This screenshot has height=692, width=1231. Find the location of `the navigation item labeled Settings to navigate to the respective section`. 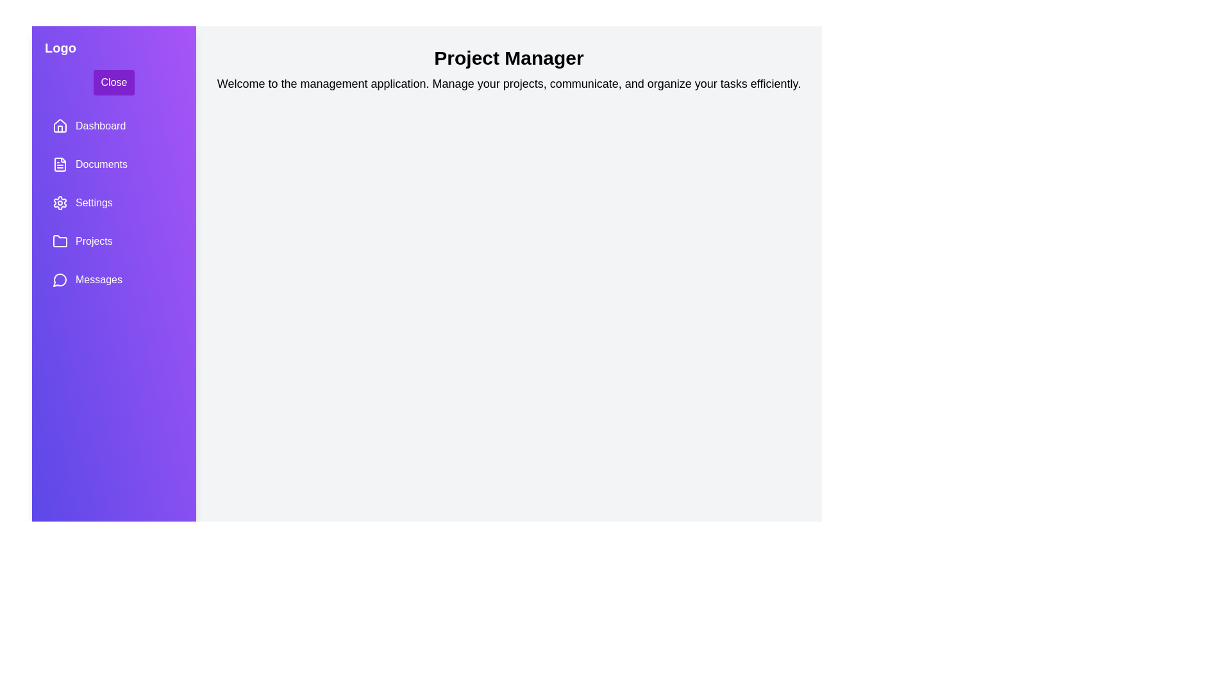

the navigation item labeled Settings to navigate to the respective section is located at coordinates (113, 202).